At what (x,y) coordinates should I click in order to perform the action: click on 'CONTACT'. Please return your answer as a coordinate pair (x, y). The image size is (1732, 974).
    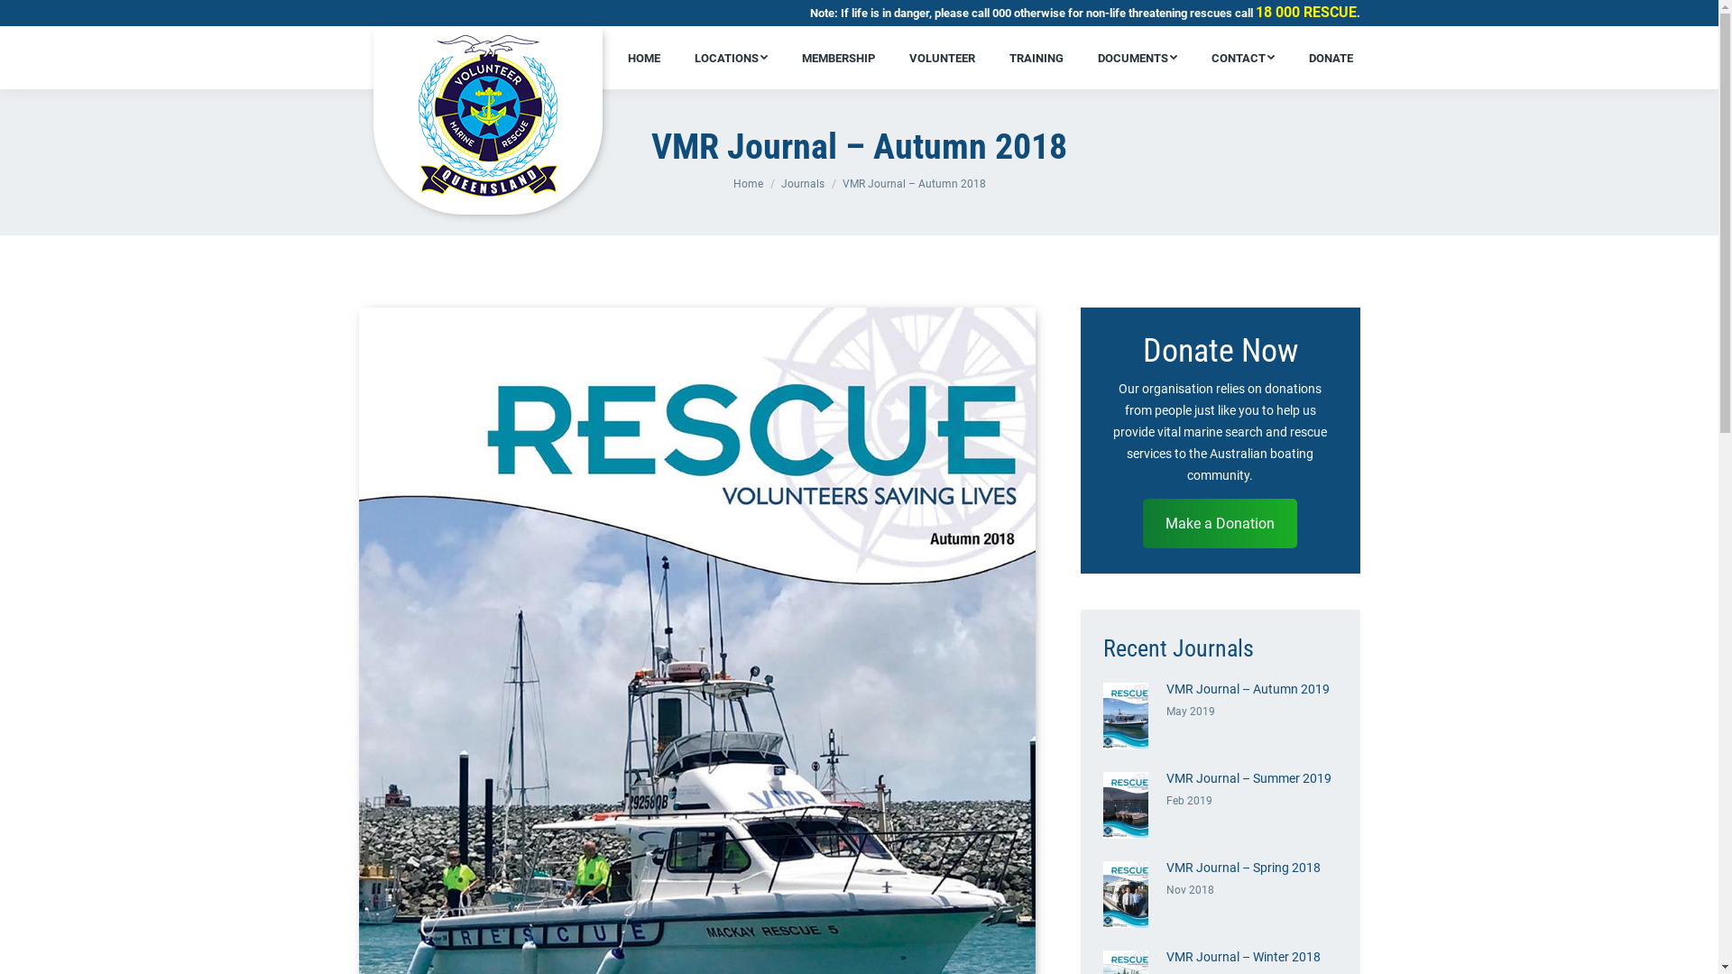
    Looking at the image, I should click on (1241, 57).